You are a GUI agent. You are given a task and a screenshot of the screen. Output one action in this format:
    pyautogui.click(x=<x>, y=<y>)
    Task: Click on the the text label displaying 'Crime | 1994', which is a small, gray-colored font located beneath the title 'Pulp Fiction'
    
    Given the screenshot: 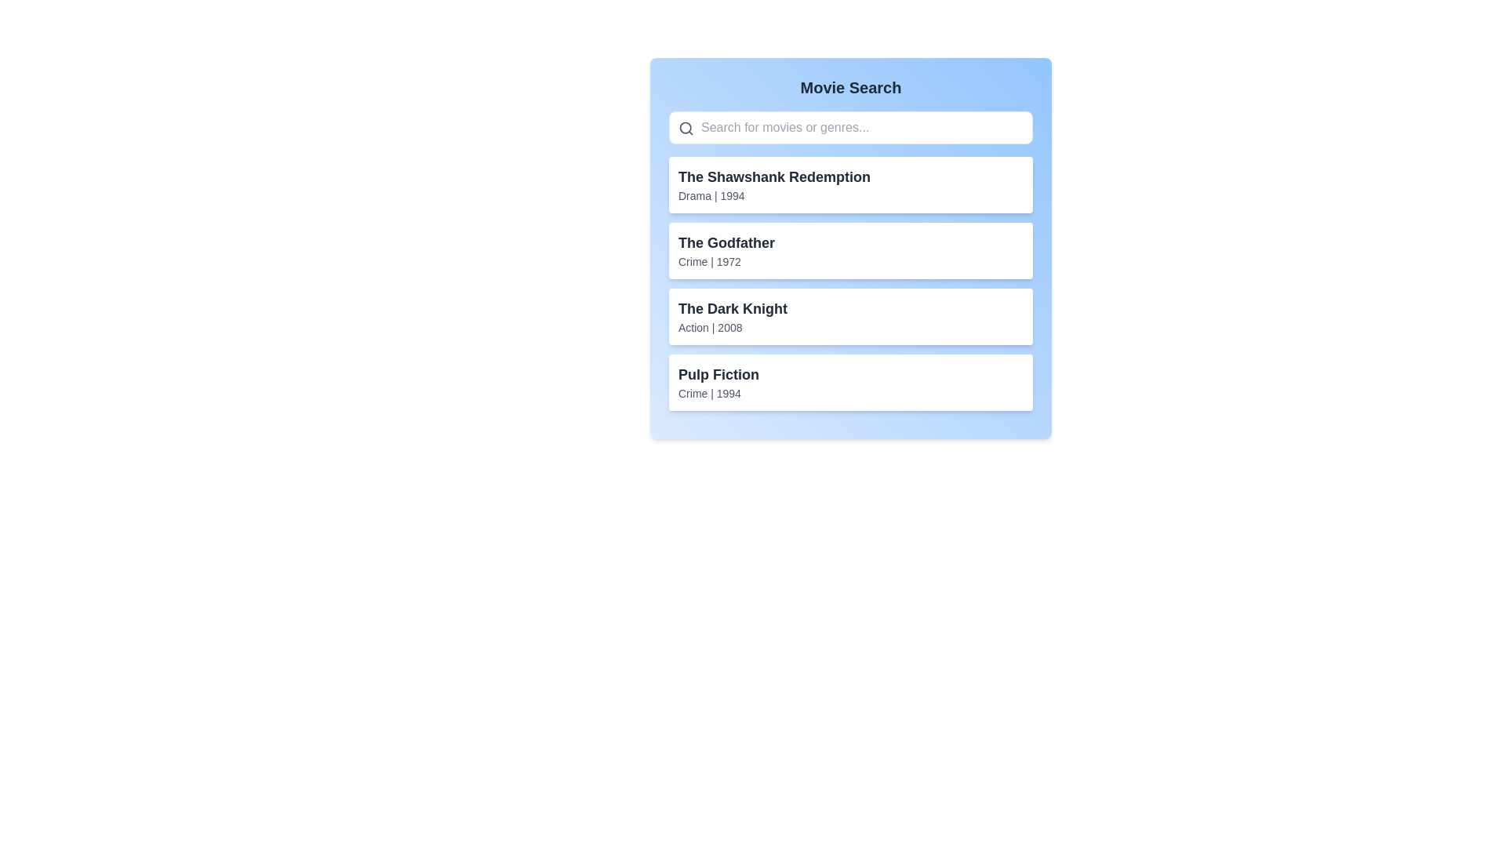 What is the action you would take?
    pyautogui.click(x=718, y=392)
    